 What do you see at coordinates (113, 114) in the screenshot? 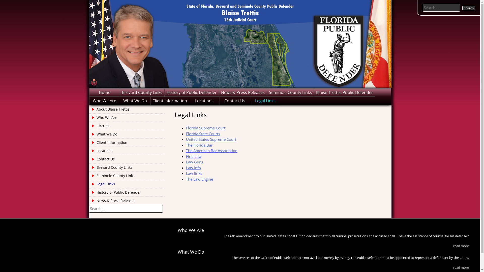
I see `'Brevard and Seminole Public Defender'` at bounding box center [113, 114].